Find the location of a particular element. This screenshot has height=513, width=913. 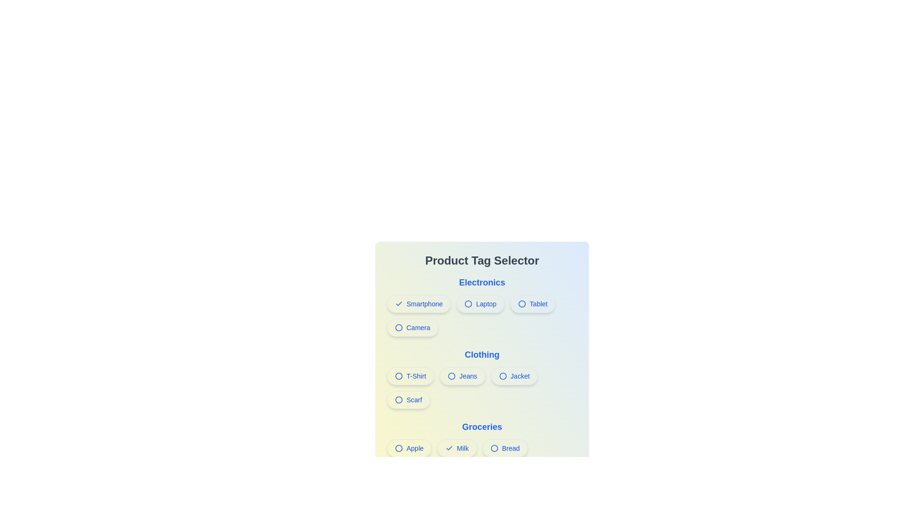

the 'Smartphone' button is located at coordinates (418, 304).